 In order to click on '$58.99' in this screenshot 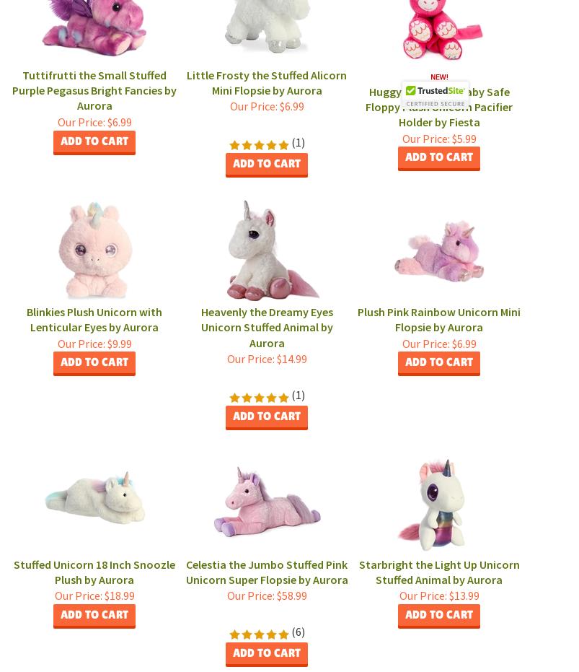, I will do `click(290, 594)`.